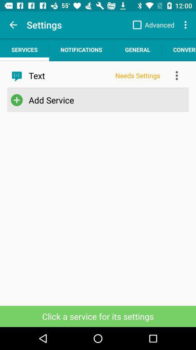 This screenshot has width=196, height=350. I want to click on the icon to the right of text item, so click(138, 75).